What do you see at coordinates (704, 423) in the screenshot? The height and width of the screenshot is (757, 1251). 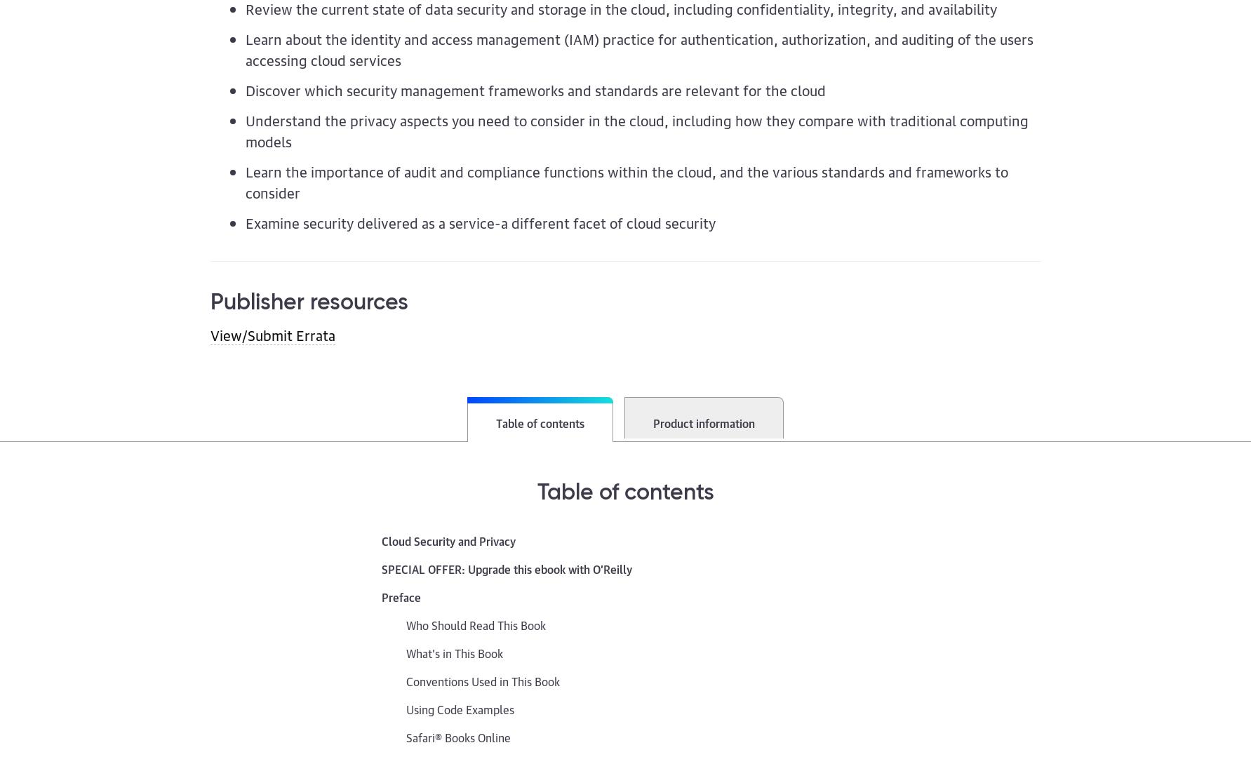 I see `'Product information'` at bounding box center [704, 423].